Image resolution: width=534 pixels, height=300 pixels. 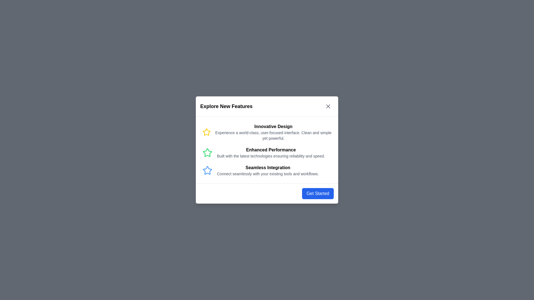 I want to click on the Informational Block, which features a yellow star icon on the left and a bold title 'Innovative Design', situated below the header 'Explore New Features', so click(x=267, y=132).